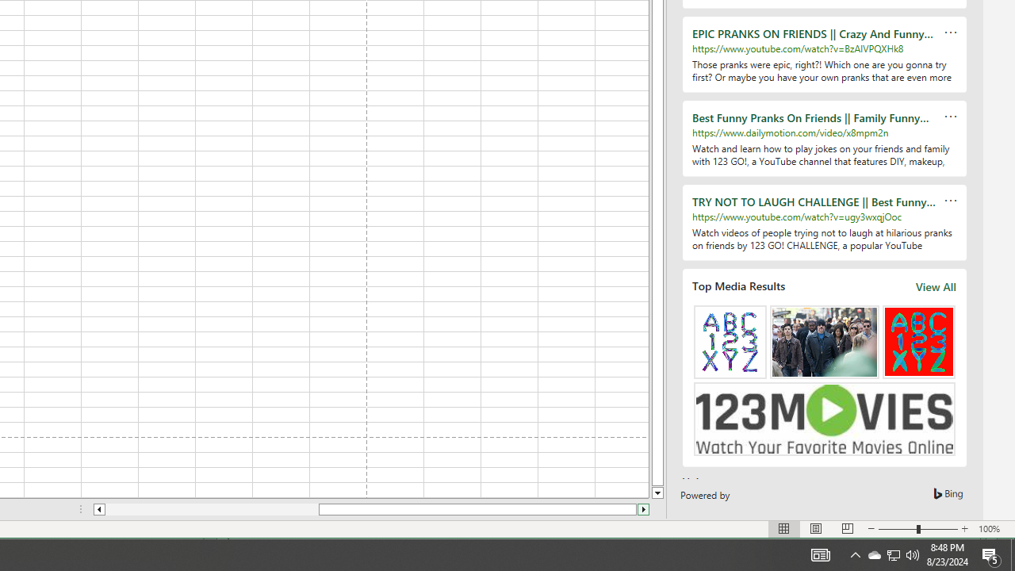 The width and height of the screenshot is (1015, 571). Describe the element at coordinates (964, 529) in the screenshot. I see `'Zoom In'` at that location.